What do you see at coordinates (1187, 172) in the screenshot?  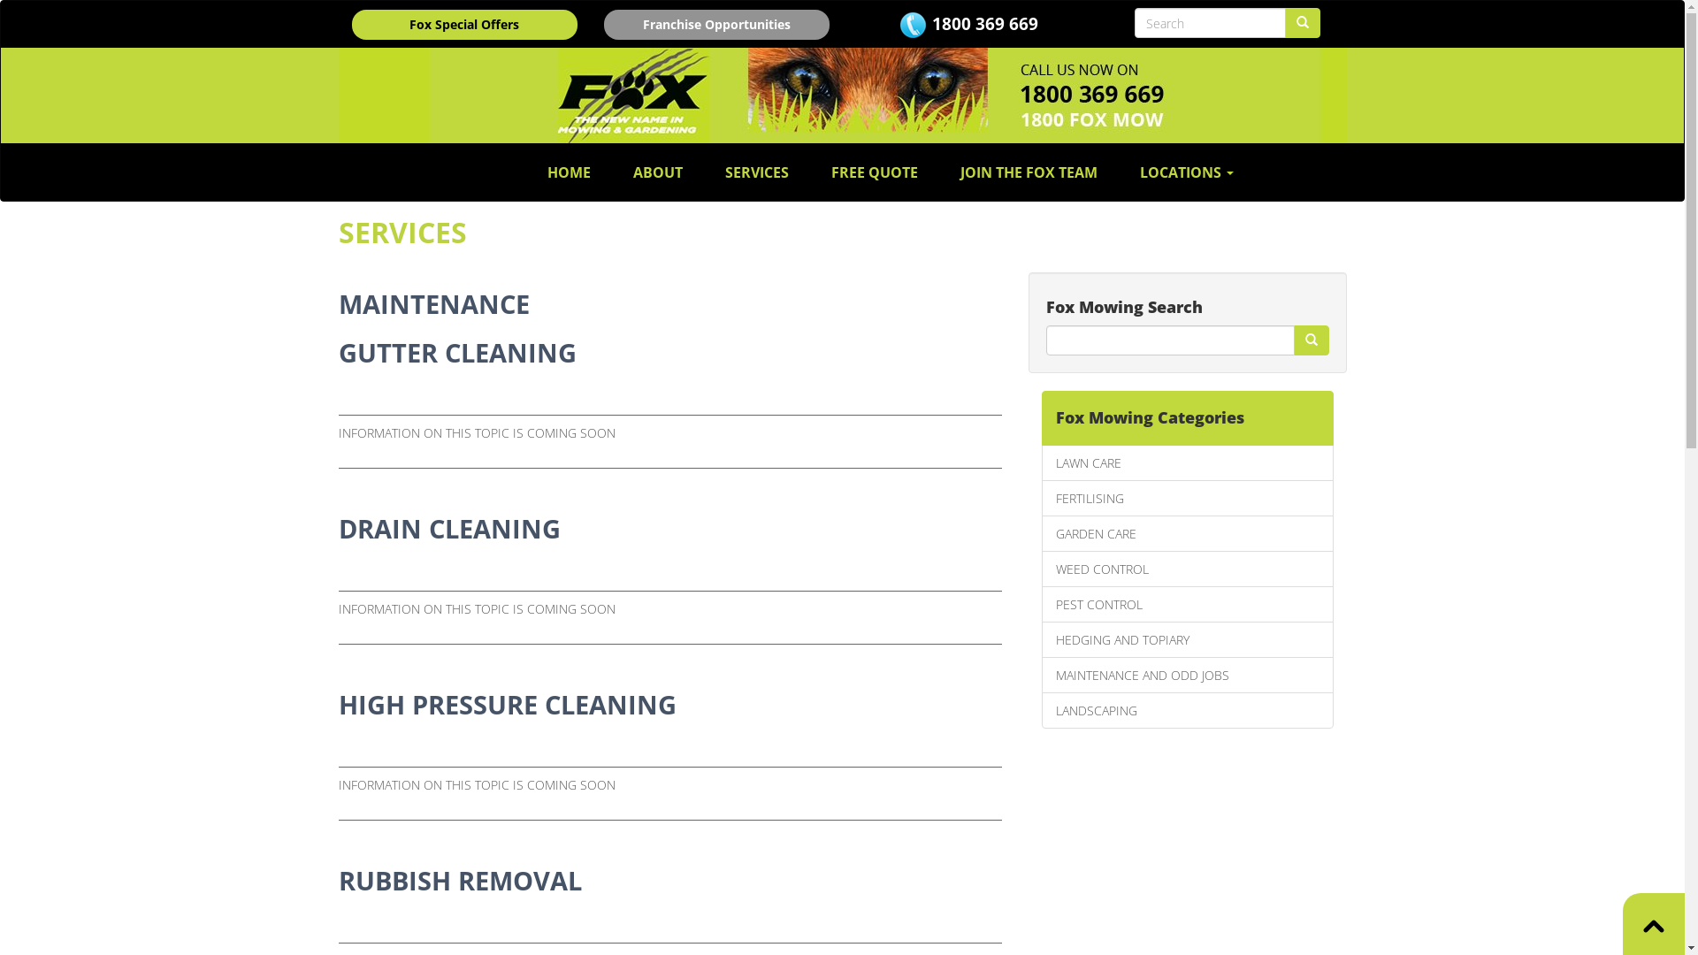 I see `'LOCATIONS'` at bounding box center [1187, 172].